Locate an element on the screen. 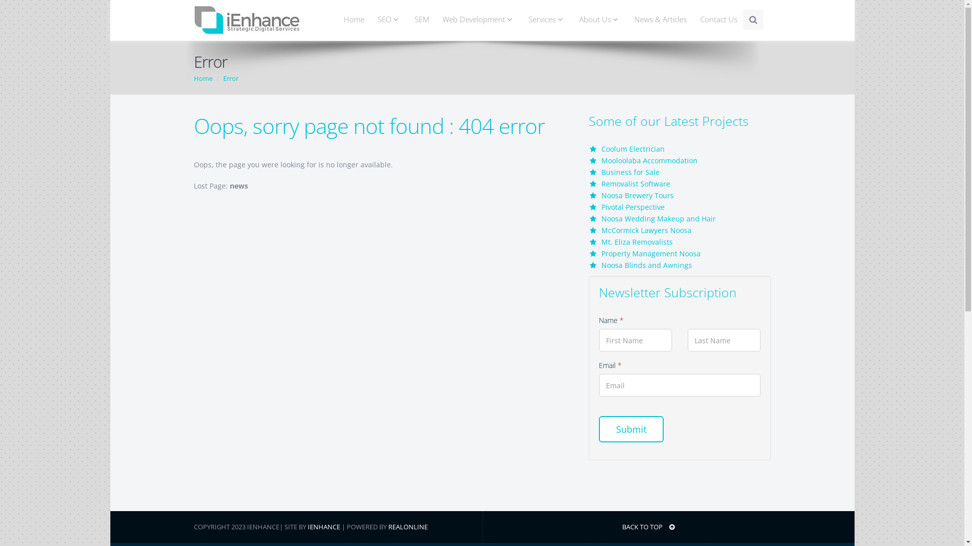 This screenshot has height=546, width=972. 'Noosa Blinds and Awnings' is located at coordinates (646, 264).